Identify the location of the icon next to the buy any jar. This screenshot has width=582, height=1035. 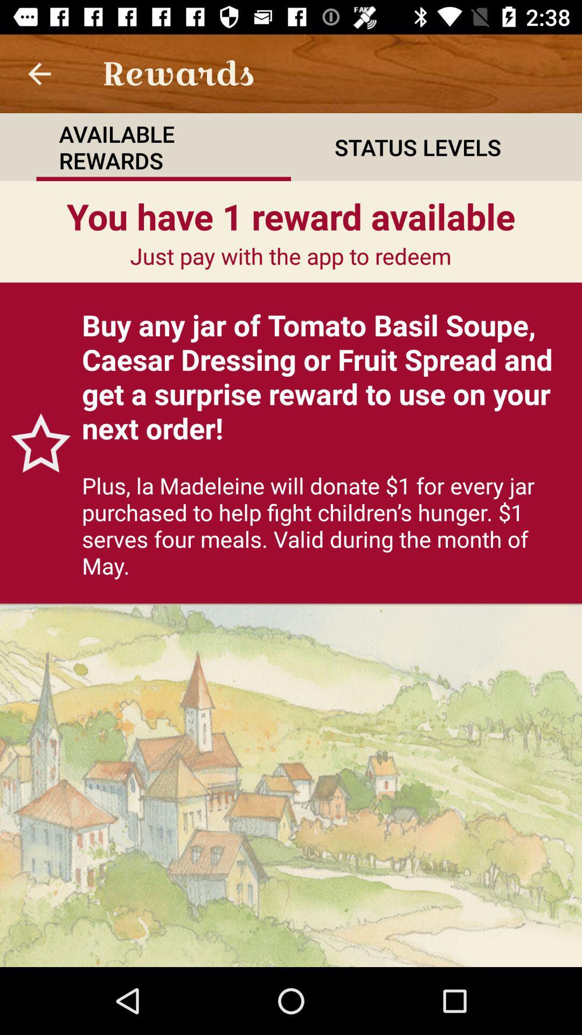
(34, 443).